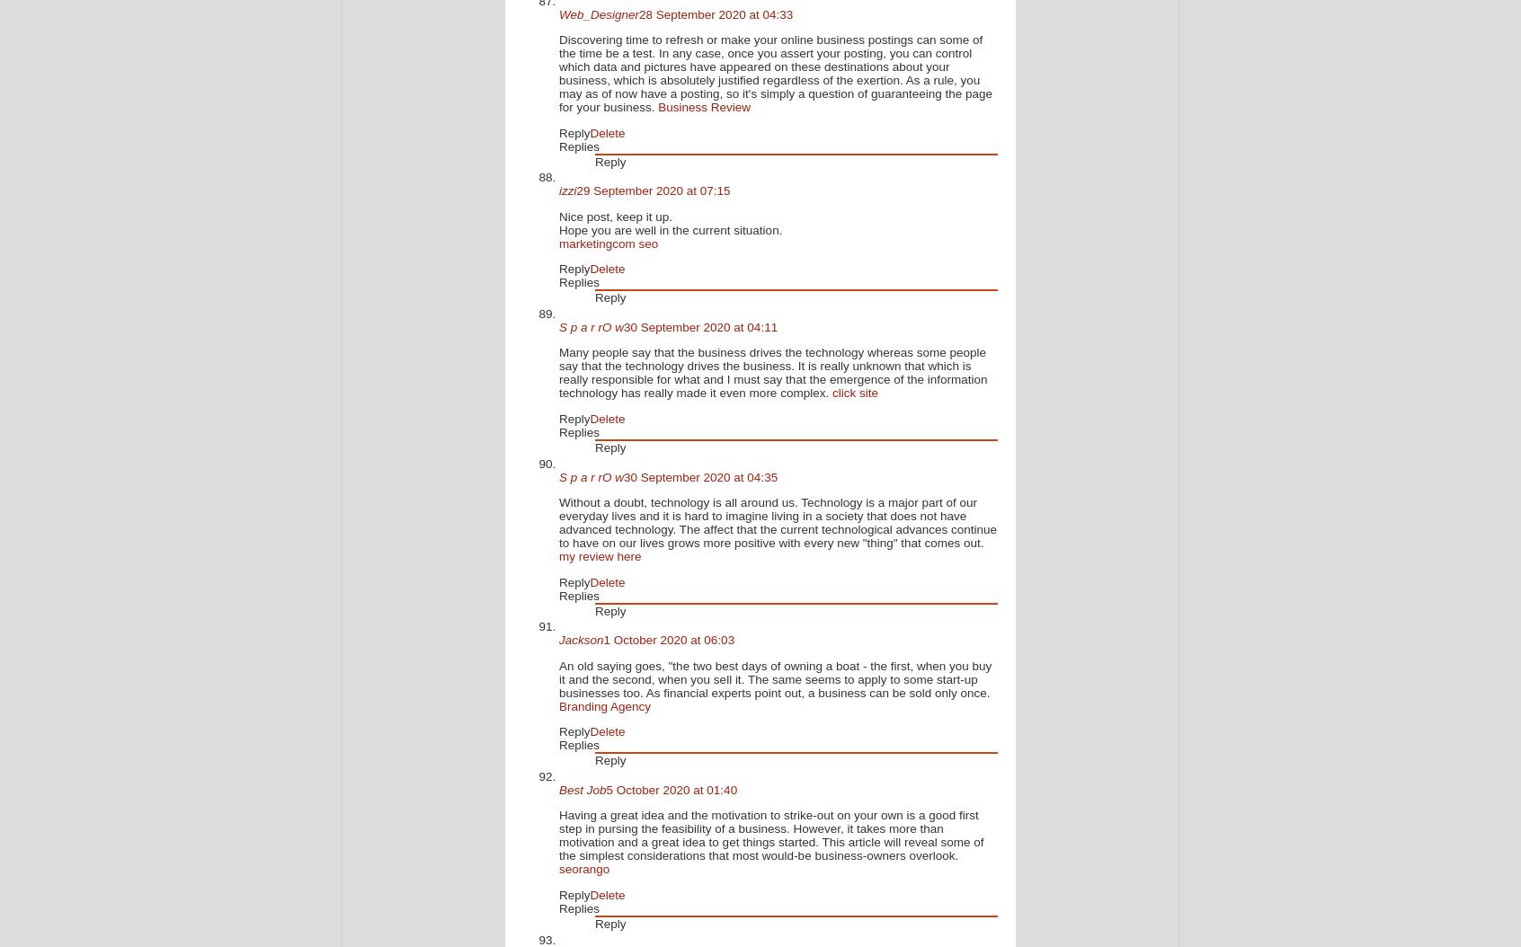 This screenshot has height=947, width=1521. I want to click on '30 September 2020 at 04:11', so click(700, 326).